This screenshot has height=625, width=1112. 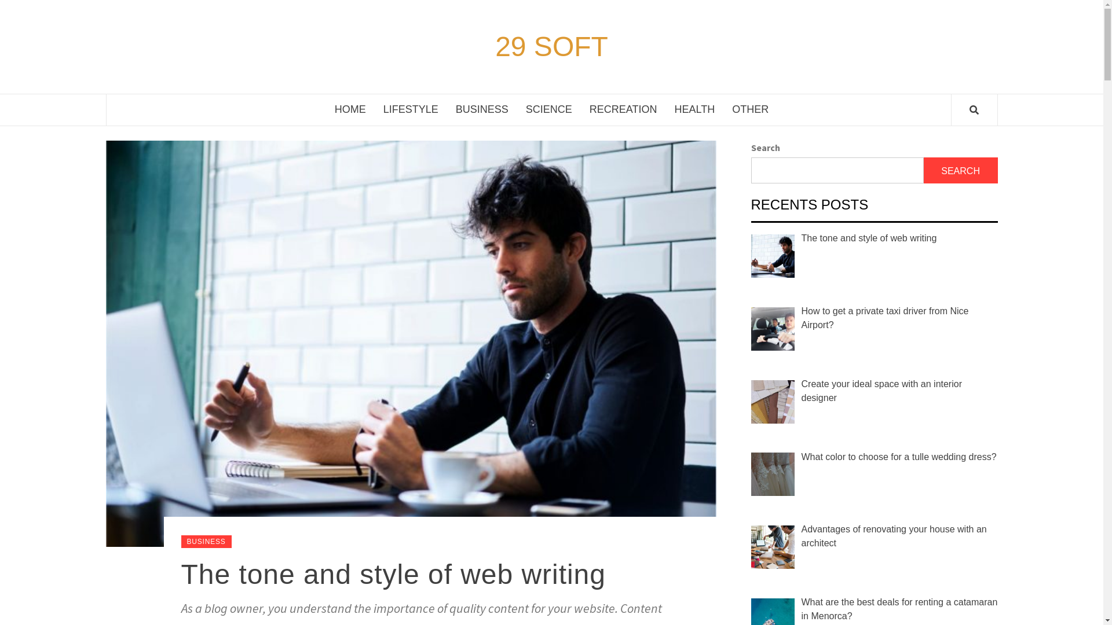 What do you see at coordinates (180, 574) in the screenshot?
I see `'The tone and style of web writing'` at bounding box center [180, 574].